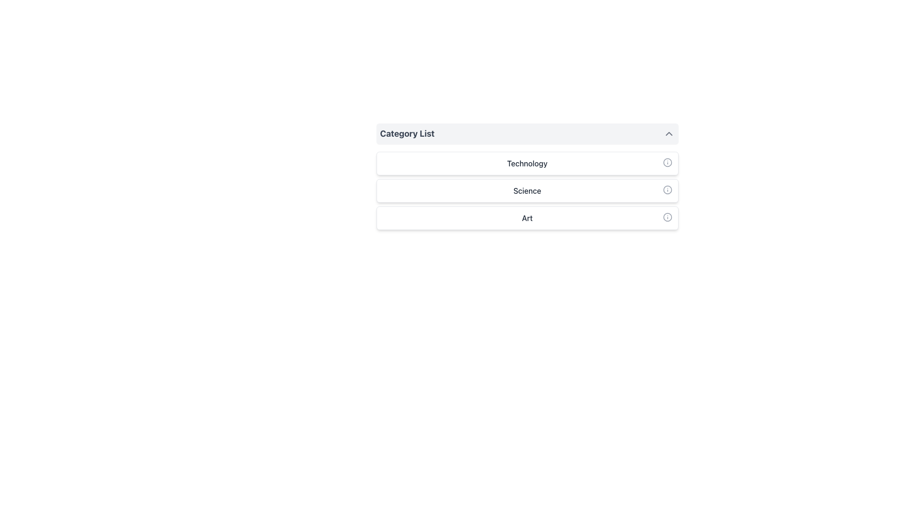 Image resolution: width=906 pixels, height=509 pixels. I want to click on the graphical circle element within the SVG icon, located, so click(667, 189).